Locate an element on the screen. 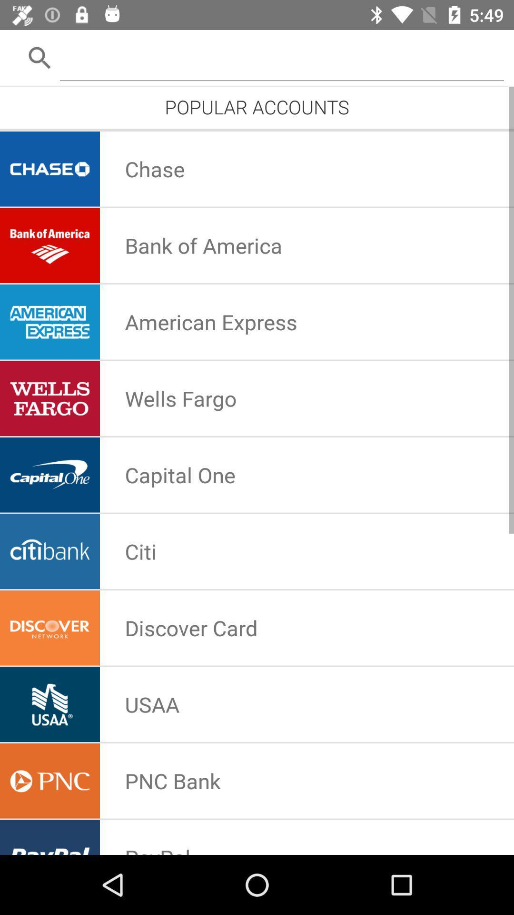  usaa app is located at coordinates (151, 704).